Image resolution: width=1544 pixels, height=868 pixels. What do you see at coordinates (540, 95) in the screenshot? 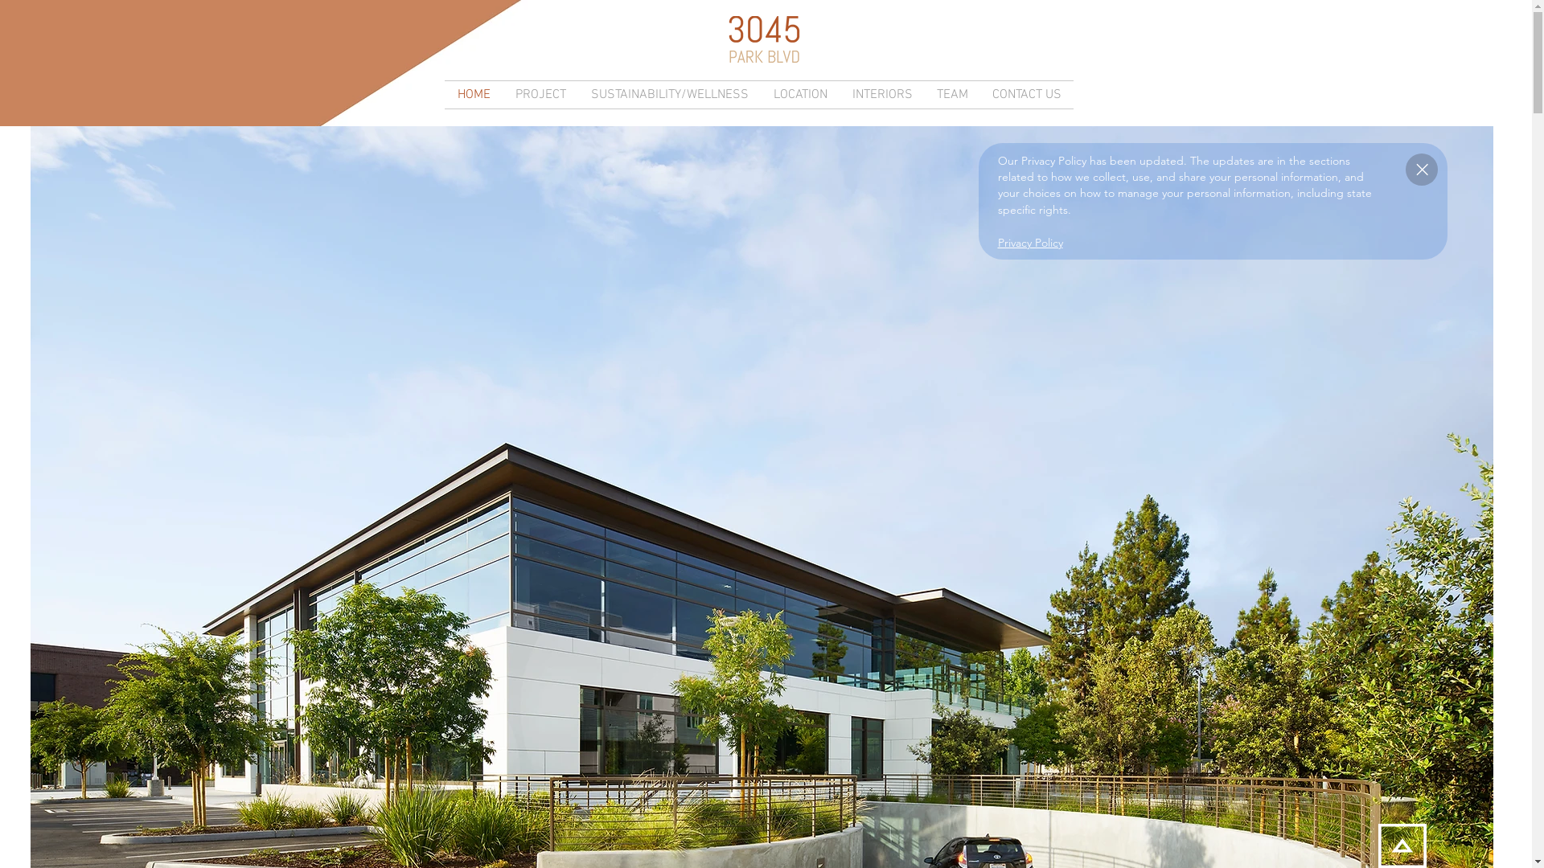
I see `'PROJECT'` at bounding box center [540, 95].